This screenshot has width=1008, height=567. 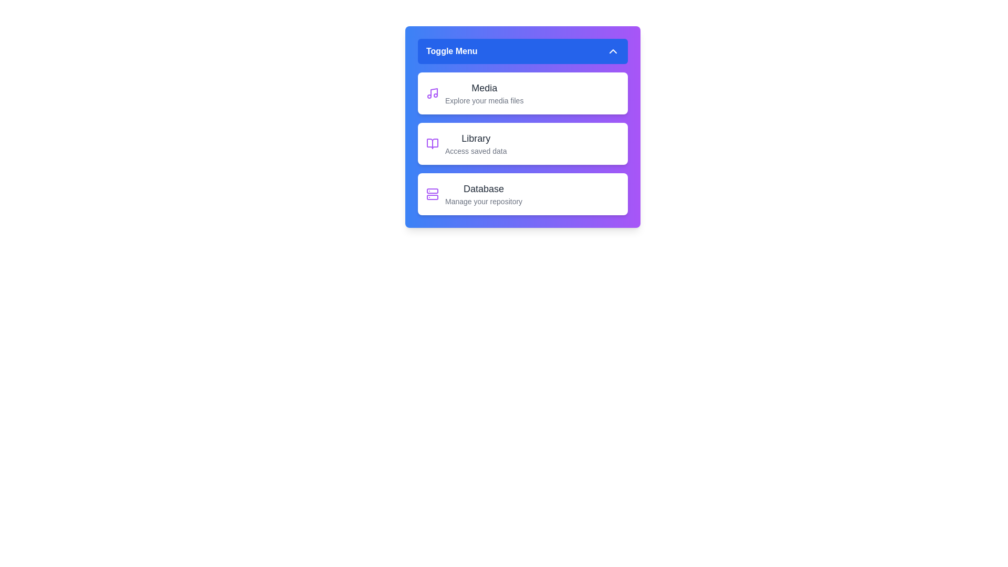 What do you see at coordinates (523, 51) in the screenshot?
I see `the 'Toggle Menu' button to toggle the visibility of the menu` at bounding box center [523, 51].